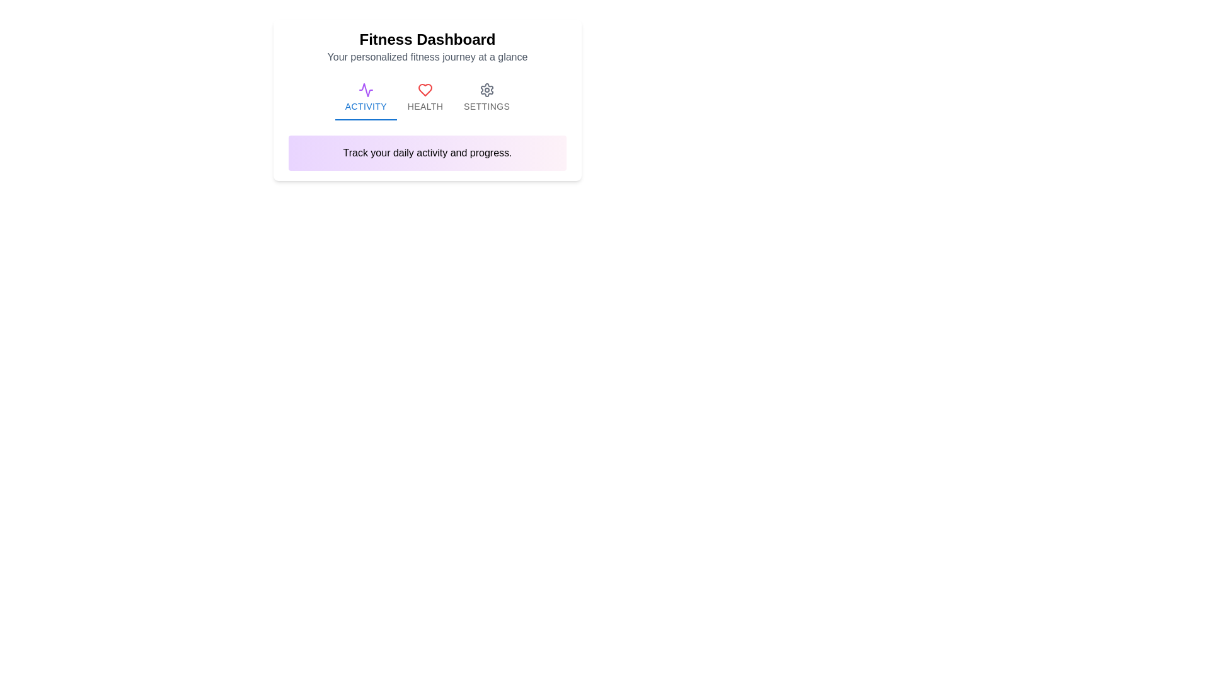 Image resolution: width=1210 pixels, height=681 pixels. I want to click on the SVG icon representing the Health category in the dashboard, so click(425, 89).